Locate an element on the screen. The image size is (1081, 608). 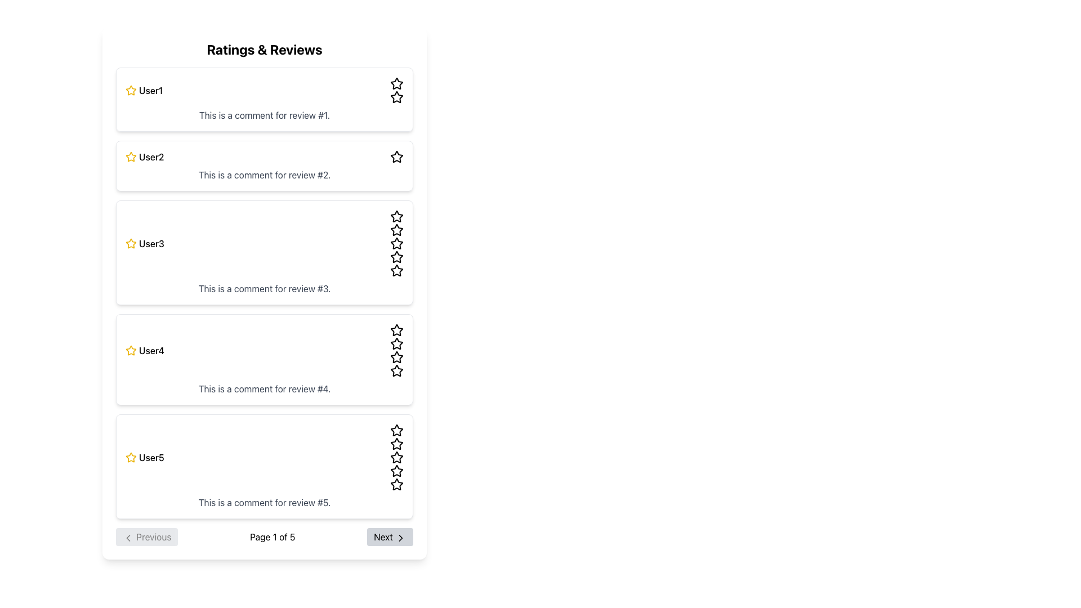
the second star icon used for rating purposes, located to the right of 'User4' in the 'Ratings & Reviews' section is located at coordinates (397, 329).